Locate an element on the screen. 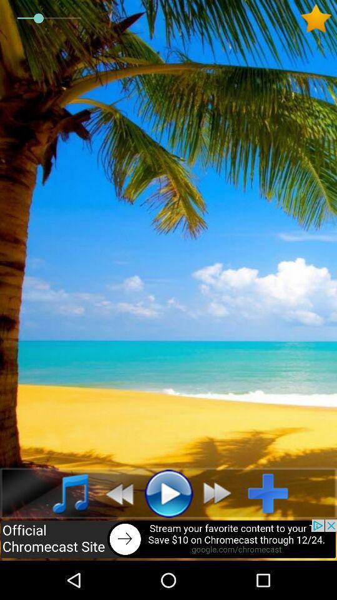  forward is located at coordinates (220, 493).